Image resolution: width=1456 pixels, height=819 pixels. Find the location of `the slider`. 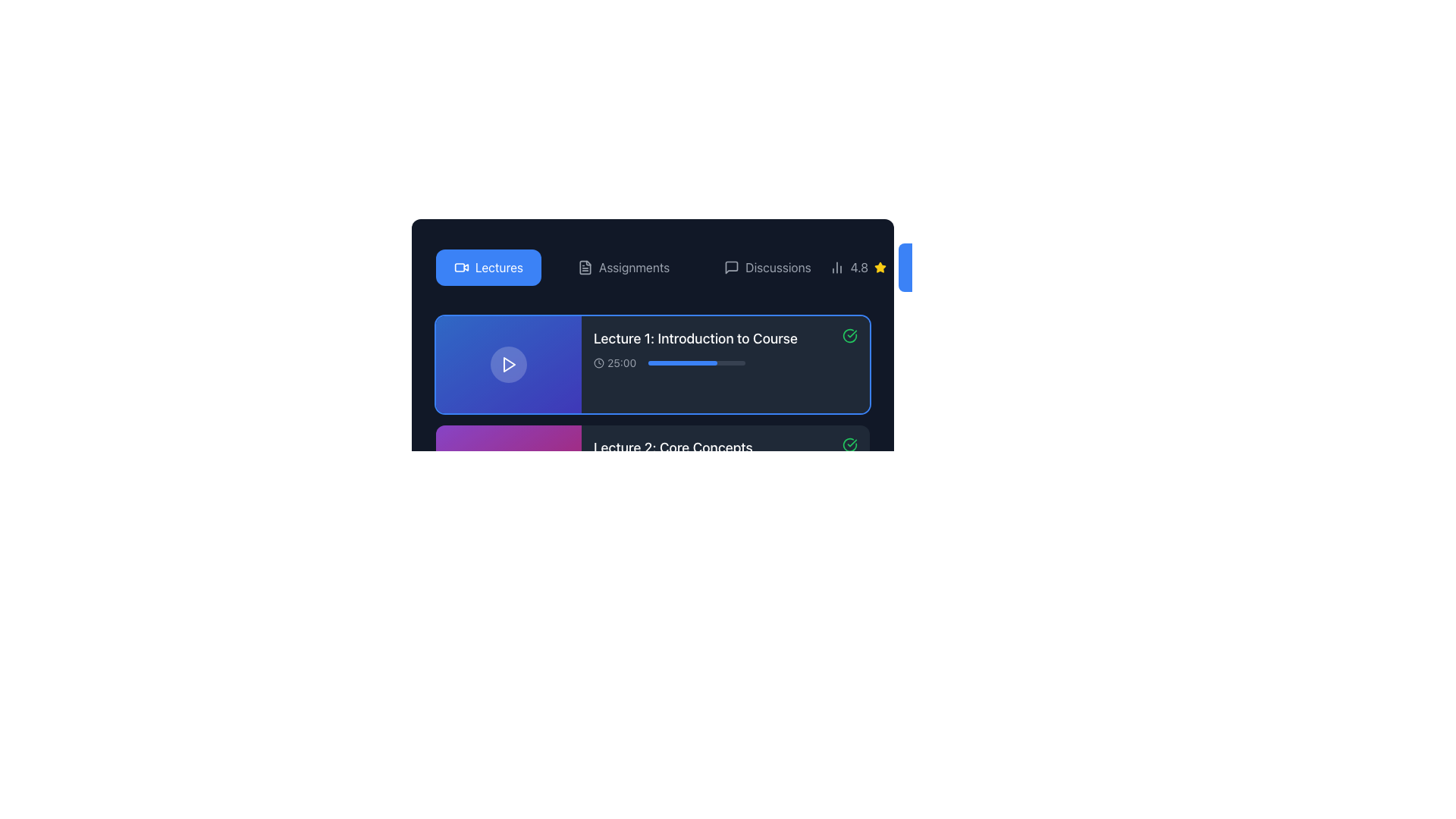

the slider is located at coordinates (695, 362).